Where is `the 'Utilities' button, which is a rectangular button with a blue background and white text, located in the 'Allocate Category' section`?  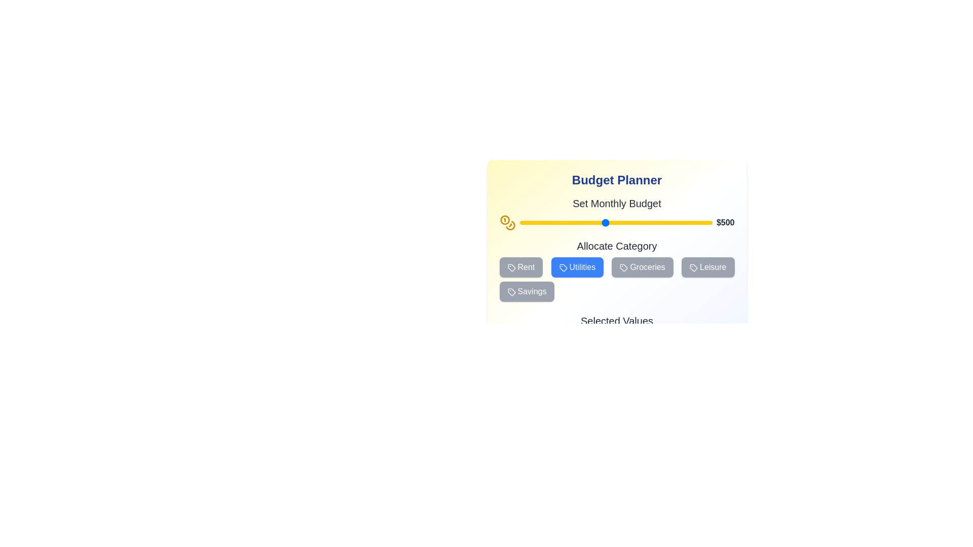
the 'Utilities' button, which is a rectangular button with a blue background and white text, located in the 'Allocate Category' section is located at coordinates (577, 267).